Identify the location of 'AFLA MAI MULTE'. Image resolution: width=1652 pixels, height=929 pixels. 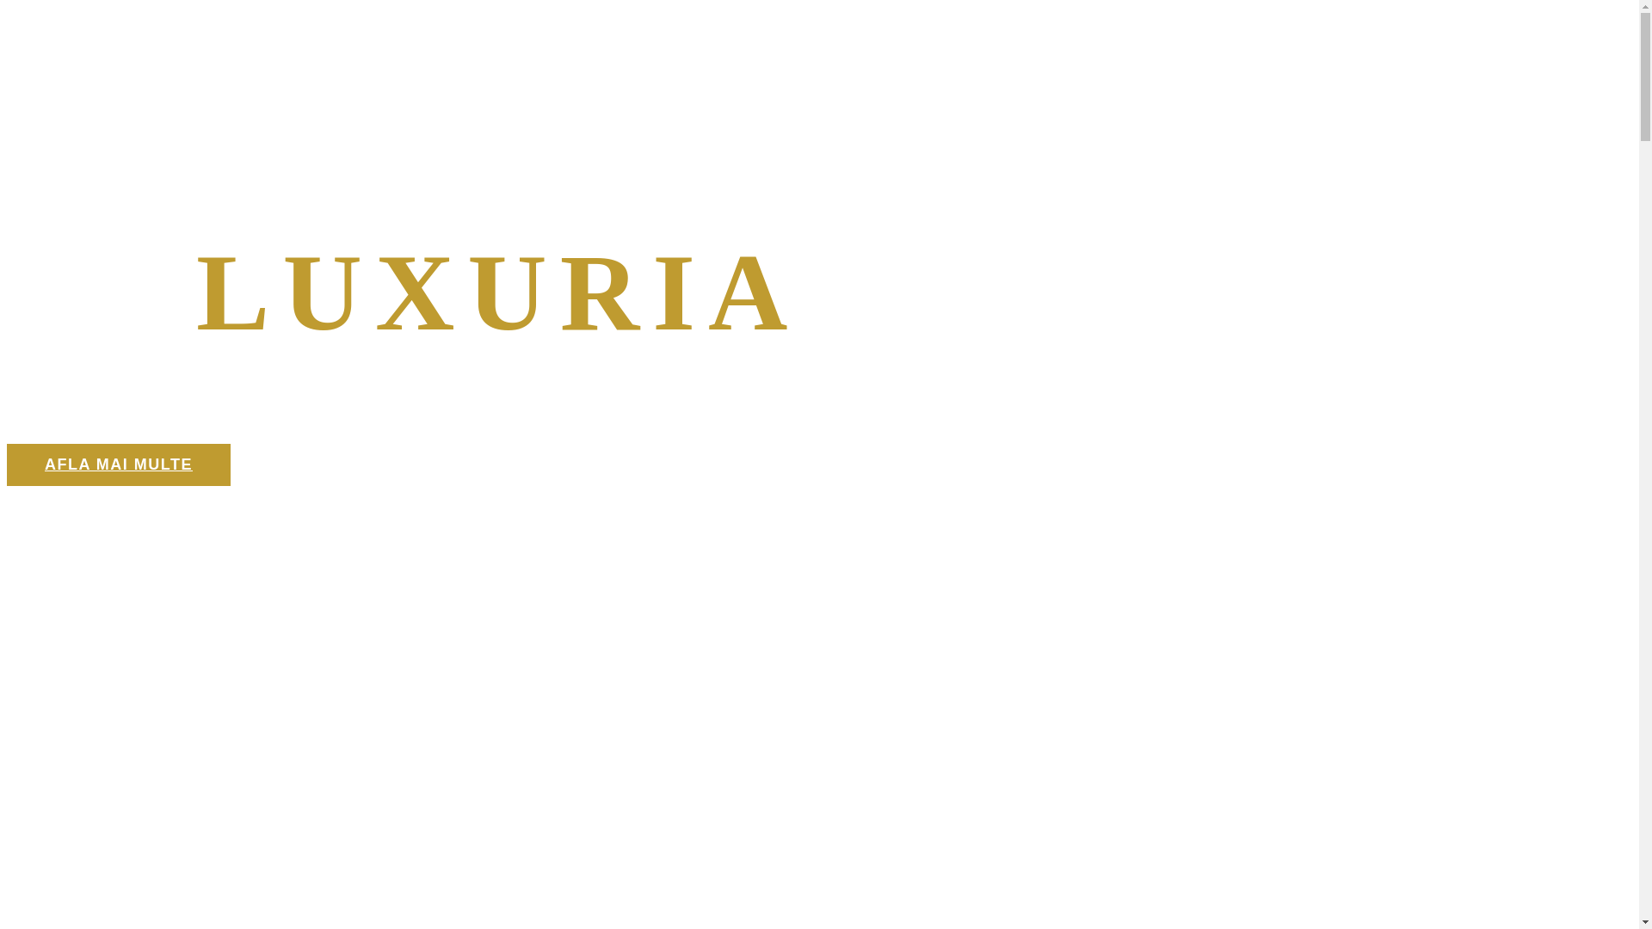
(7, 464).